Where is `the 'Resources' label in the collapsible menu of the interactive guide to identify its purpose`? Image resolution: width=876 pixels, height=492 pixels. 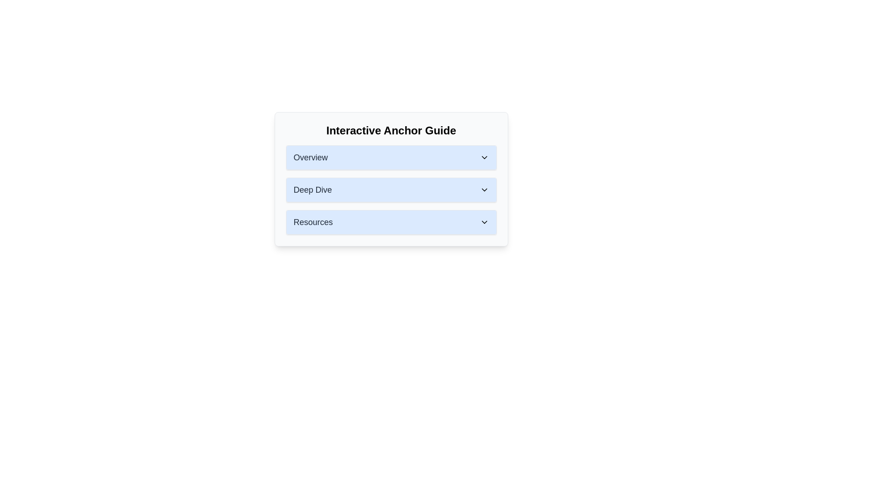 the 'Resources' label in the collapsible menu of the interactive guide to identify its purpose is located at coordinates (313, 222).